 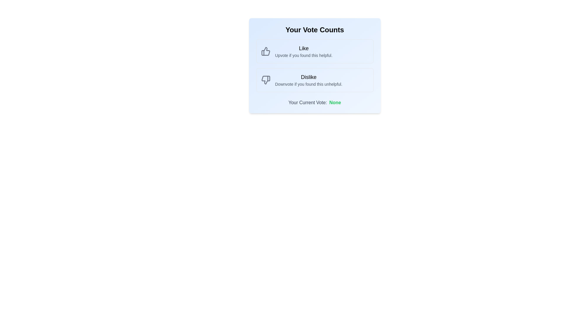 I want to click on the centered text label that reads 'Your Vote Counts', which is positioned above the interactive buttons, so click(x=314, y=30).